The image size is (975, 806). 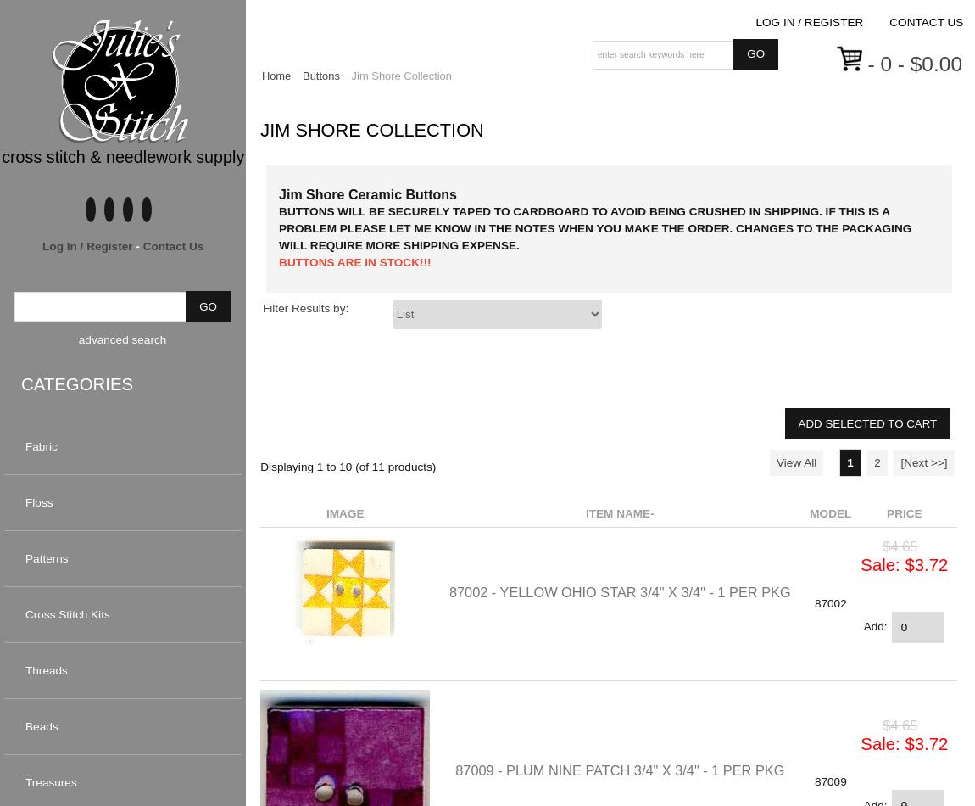 What do you see at coordinates (172, 244) in the screenshot?
I see `'Contact Us'` at bounding box center [172, 244].